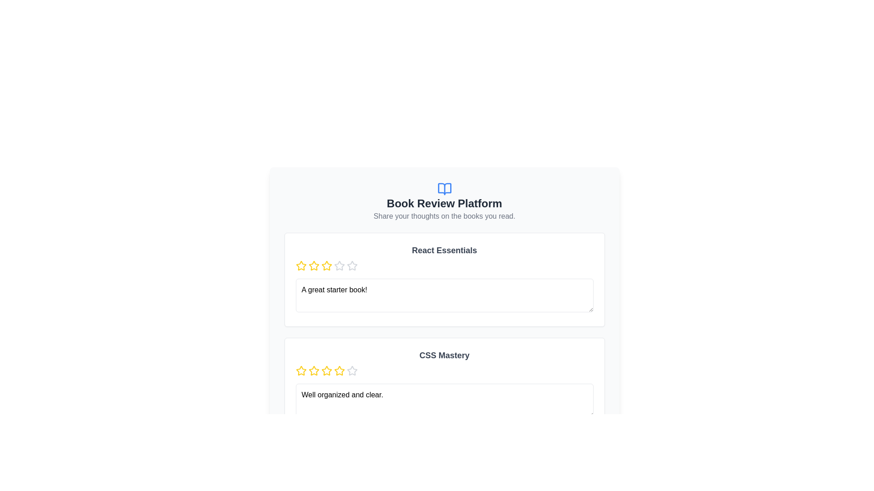 The width and height of the screenshot is (874, 491). I want to click on the first yellow star in the rating section adjacent to 'CSS Mastery', so click(301, 371).